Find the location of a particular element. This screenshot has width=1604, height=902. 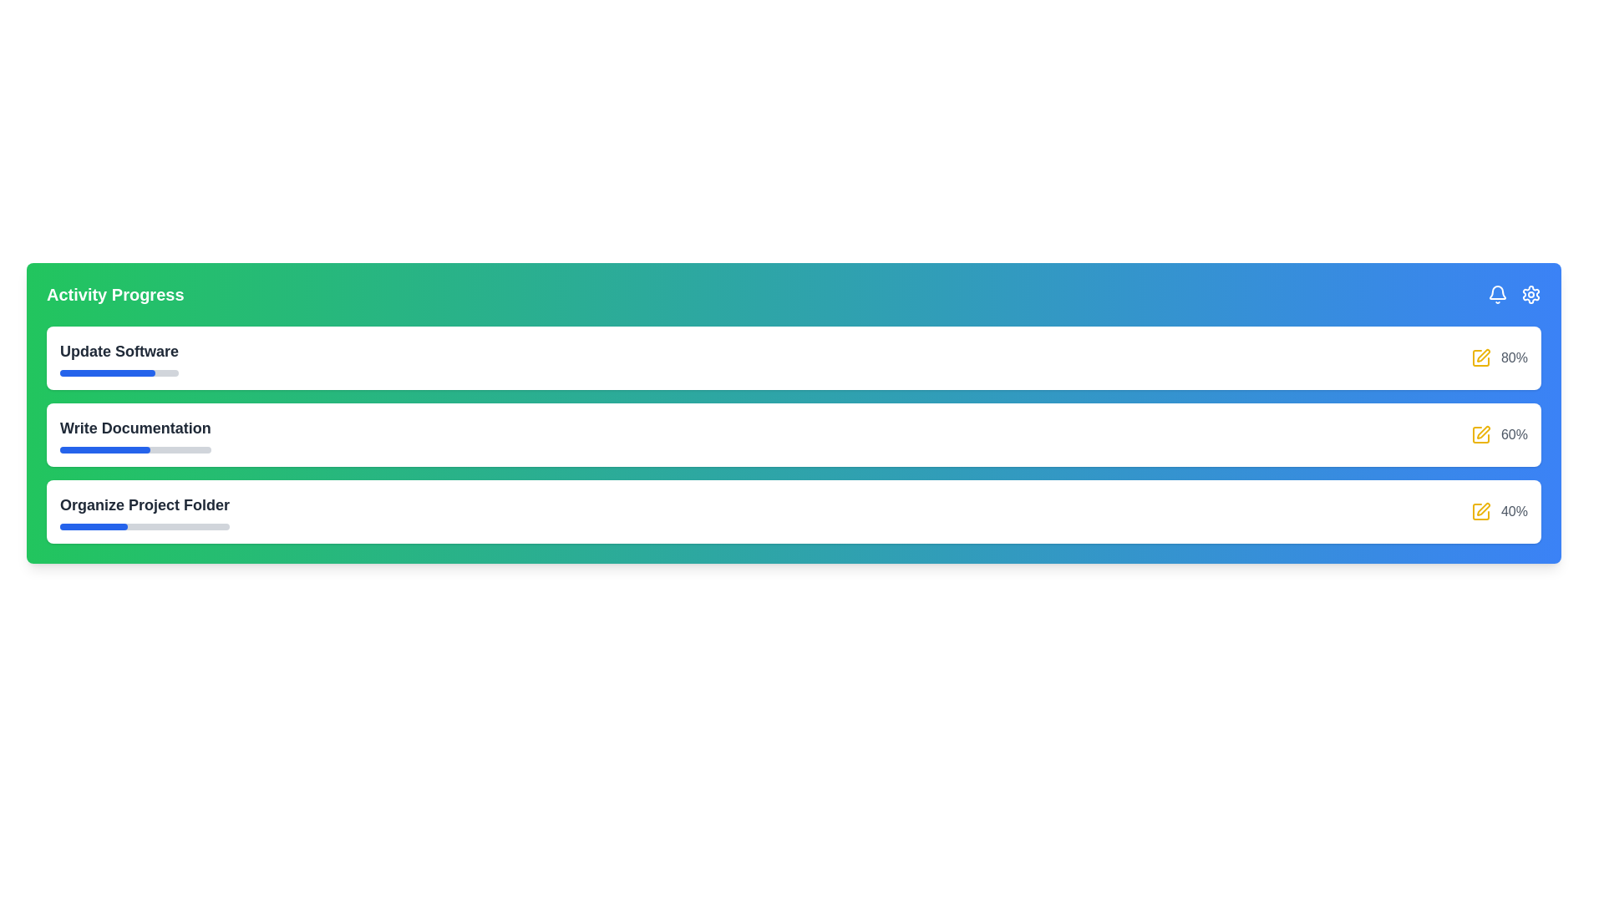

text label displaying 'Write Documentation' located in the center of the second task block in the vertical list of task progress items is located at coordinates (135, 428).